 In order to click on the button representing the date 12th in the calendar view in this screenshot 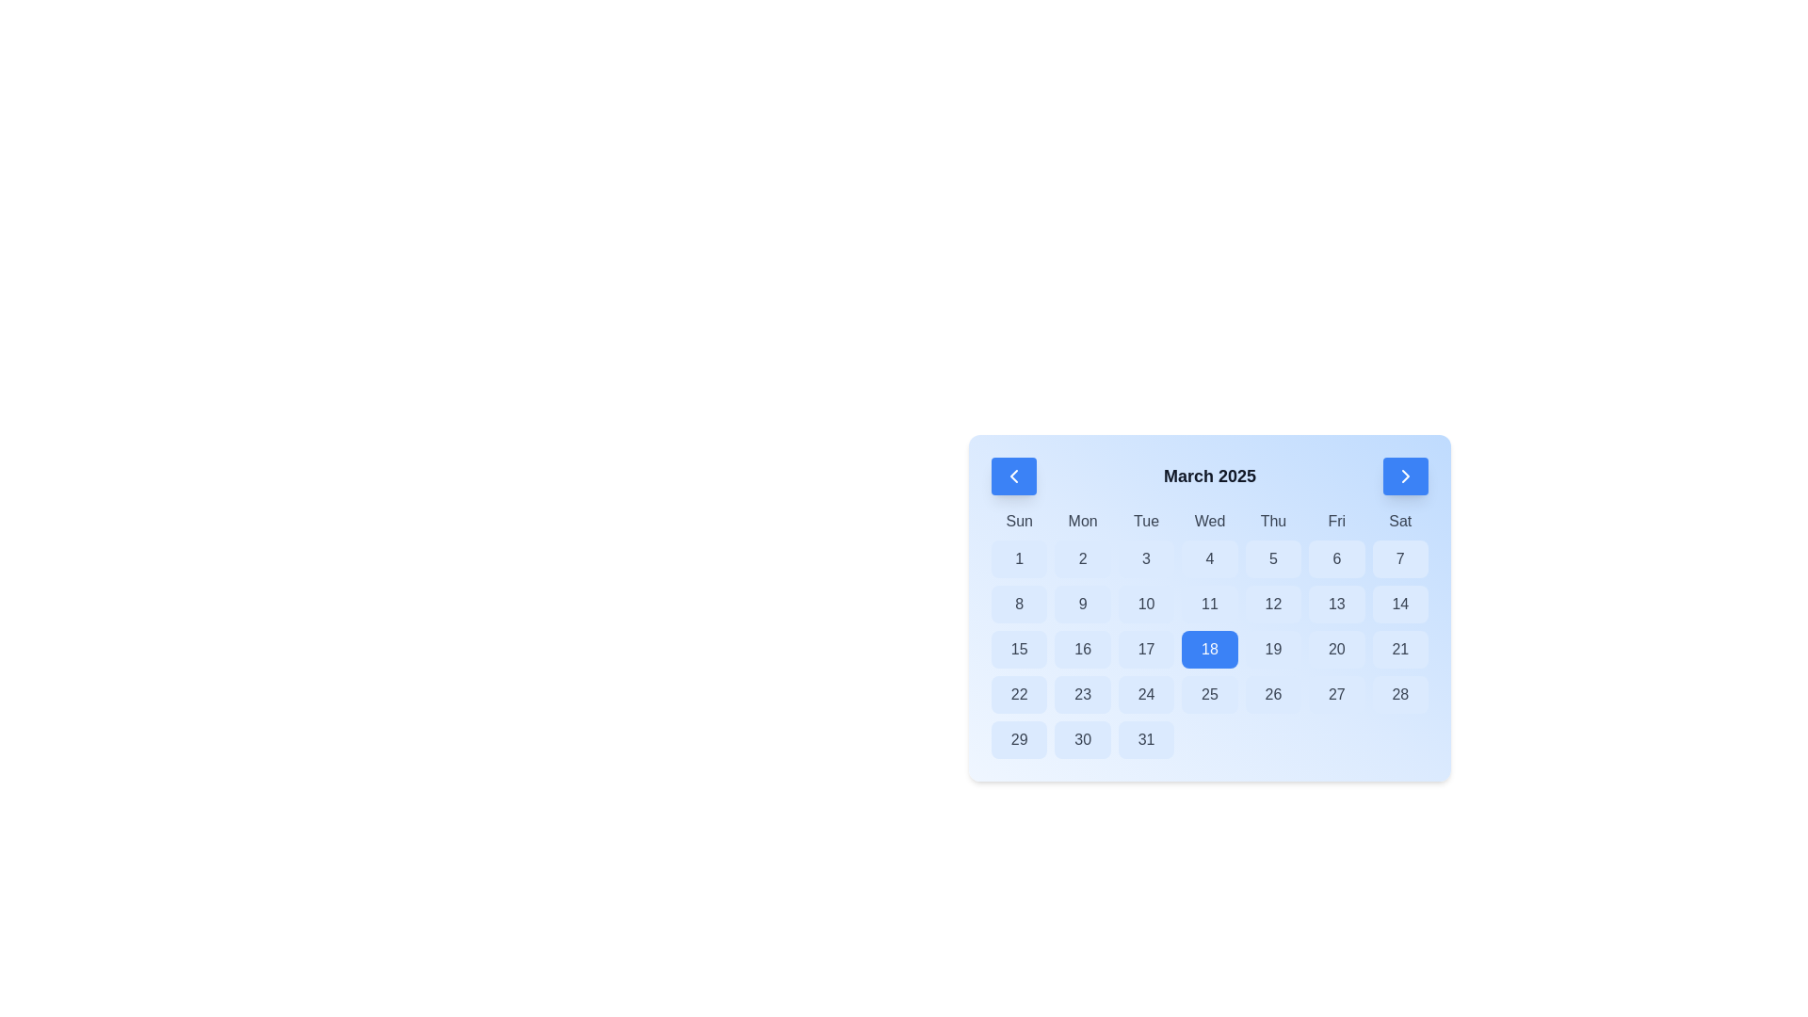, I will do `click(1273, 604)`.